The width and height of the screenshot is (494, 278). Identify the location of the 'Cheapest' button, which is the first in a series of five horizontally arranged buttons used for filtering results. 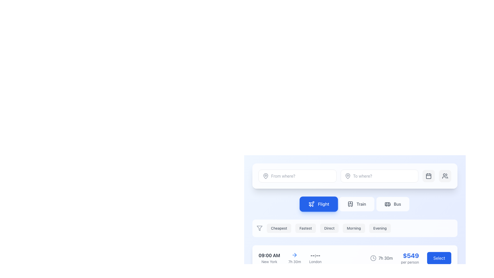
(279, 228).